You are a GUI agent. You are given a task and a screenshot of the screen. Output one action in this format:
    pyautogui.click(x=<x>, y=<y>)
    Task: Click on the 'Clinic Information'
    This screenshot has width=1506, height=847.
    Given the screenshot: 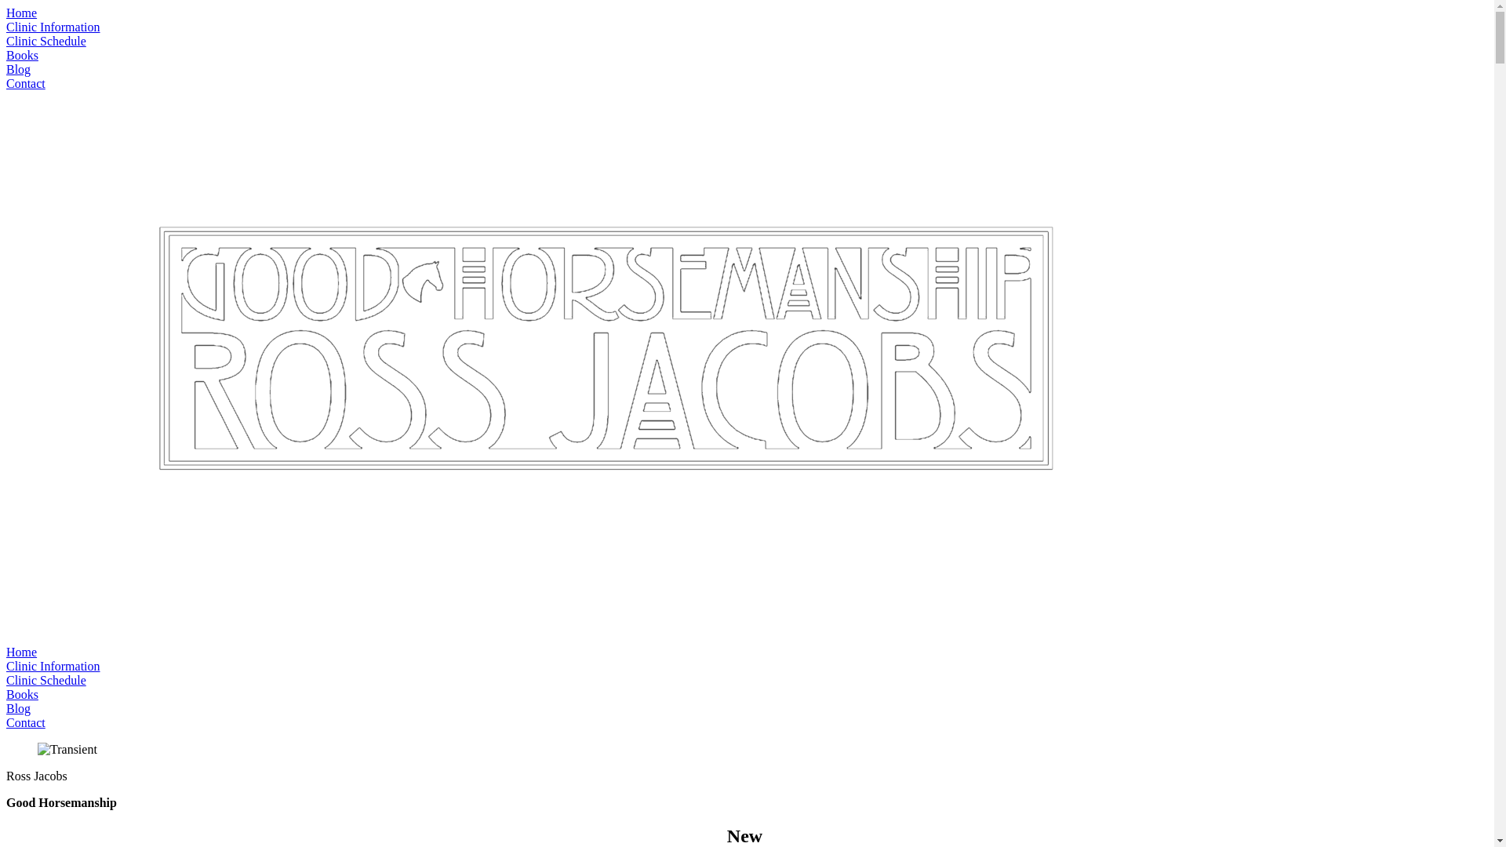 What is the action you would take?
    pyautogui.click(x=53, y=666)
    